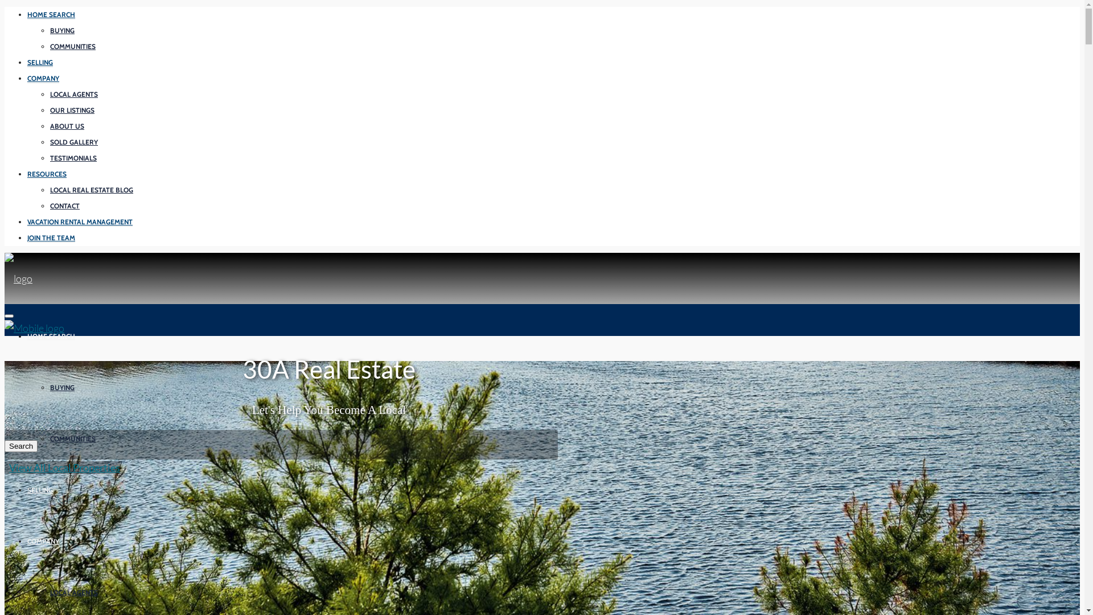  I want to click on 'LOCAL REAL ESTATE BLOG', so click(92, 190).